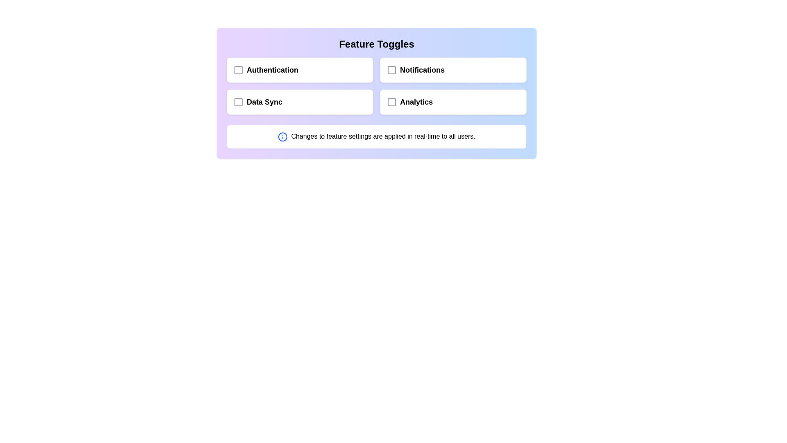 The width and height of the screenshot is (787, 443). What do you see at coordinates (238, 69) in the screenshot?
I see `the toggle switch for the 'Authentication' feature to change its state` at bounding box center [238, 69].